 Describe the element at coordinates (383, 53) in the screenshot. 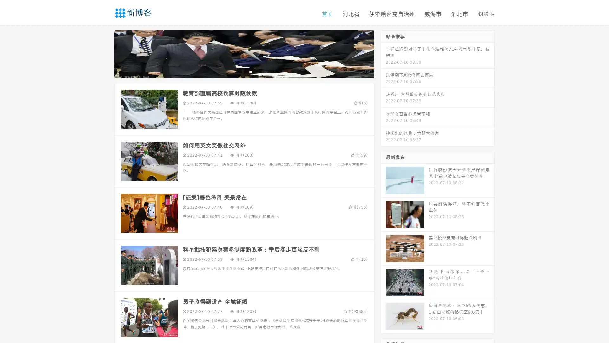

I see `Next slide` at that location.